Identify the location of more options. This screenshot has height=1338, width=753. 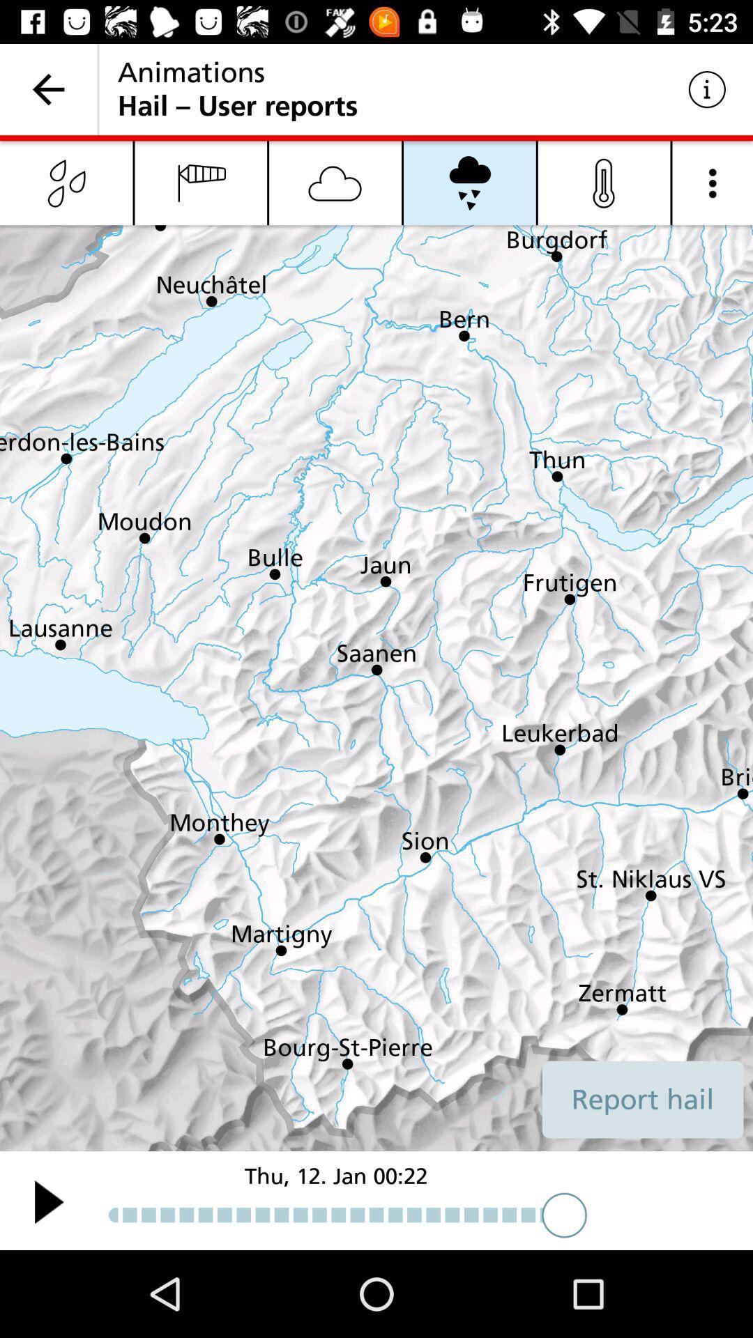
(713, 182).